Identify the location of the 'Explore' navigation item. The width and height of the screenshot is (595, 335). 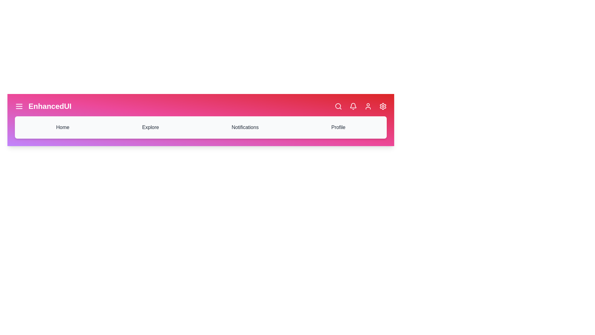
(150, 127).